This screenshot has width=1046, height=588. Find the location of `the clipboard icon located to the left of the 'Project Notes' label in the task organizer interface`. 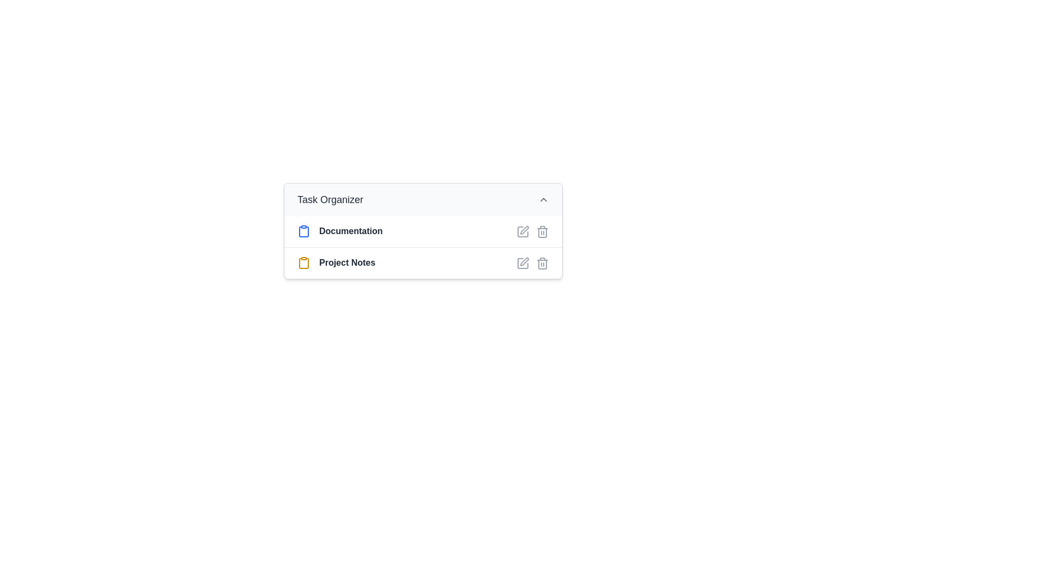

the clipboard icon located to the left of the 'Project Notes' label in the task organizer interface is located at coordinates (303, 263).